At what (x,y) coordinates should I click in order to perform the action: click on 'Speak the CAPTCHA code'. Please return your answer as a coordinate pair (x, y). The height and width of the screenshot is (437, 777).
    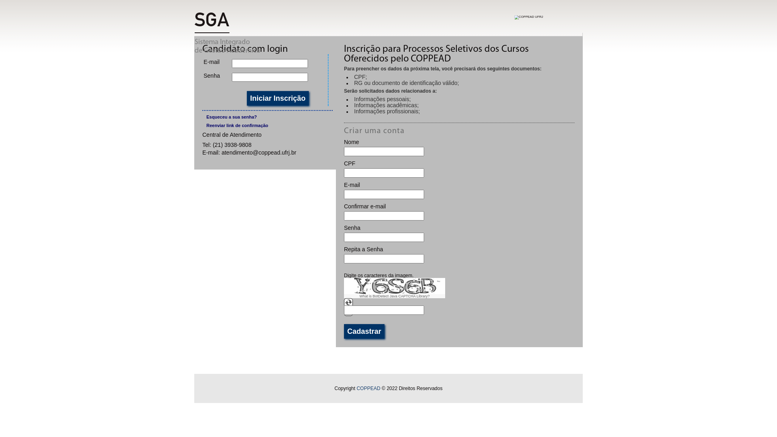
    Looking at the image, I should click on (348, 314).